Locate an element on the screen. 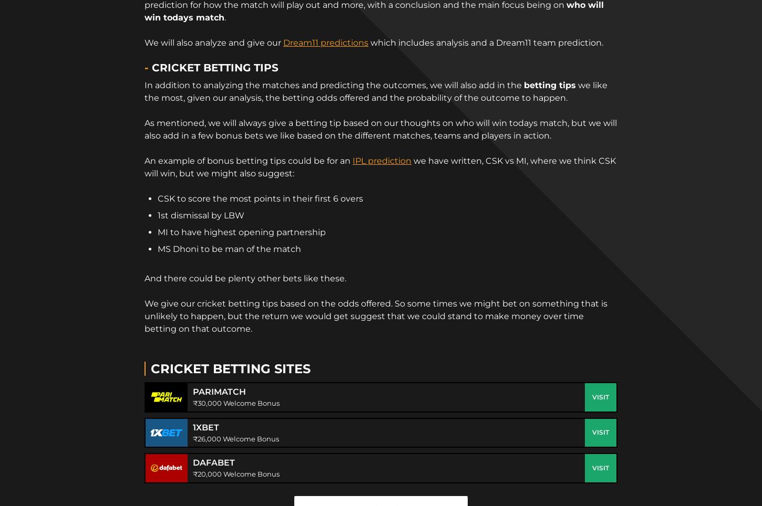  'We will also analyze and give our' is located at coordinates (213, 42).